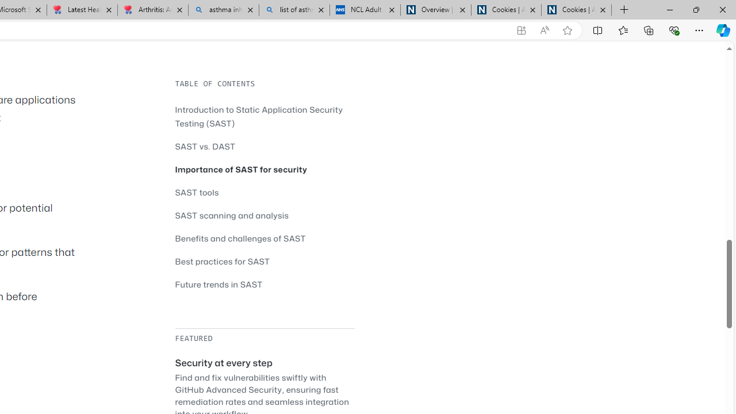  Describe the element at coordinates (364, 10) in the screenshot. I see `'NCL Adult Asthma Inhaler Choice Guideline'` at that location.